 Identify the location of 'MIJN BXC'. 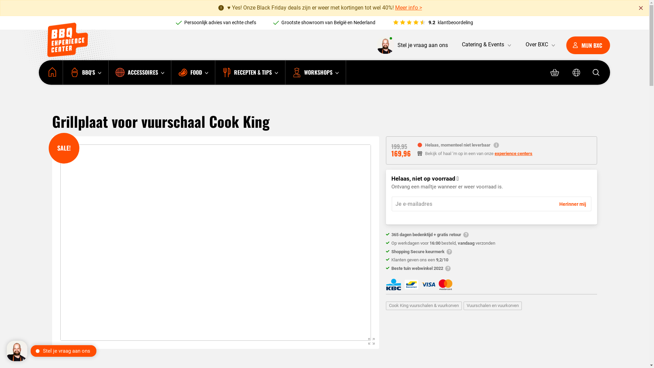
(588, 45).